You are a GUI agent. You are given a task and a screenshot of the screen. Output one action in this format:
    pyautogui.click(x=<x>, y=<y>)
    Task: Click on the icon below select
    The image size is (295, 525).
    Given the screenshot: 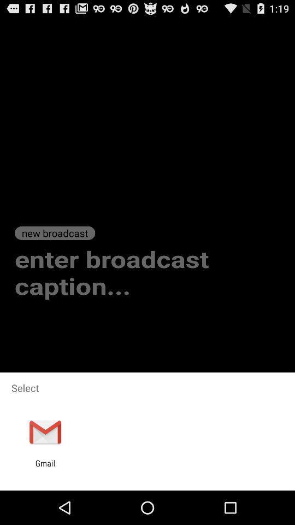 What is the action you would take?
    pyautogui.click(x=45, y=432)
    